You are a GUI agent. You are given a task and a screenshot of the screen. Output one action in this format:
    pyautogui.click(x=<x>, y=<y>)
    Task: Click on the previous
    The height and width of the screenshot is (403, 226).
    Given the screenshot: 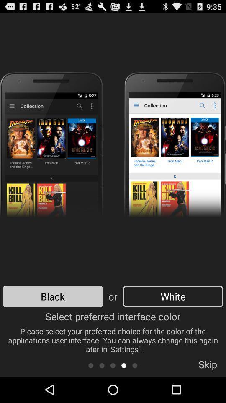 What is the action you would take?
    pyautogui.click(x=135, y=365)
    